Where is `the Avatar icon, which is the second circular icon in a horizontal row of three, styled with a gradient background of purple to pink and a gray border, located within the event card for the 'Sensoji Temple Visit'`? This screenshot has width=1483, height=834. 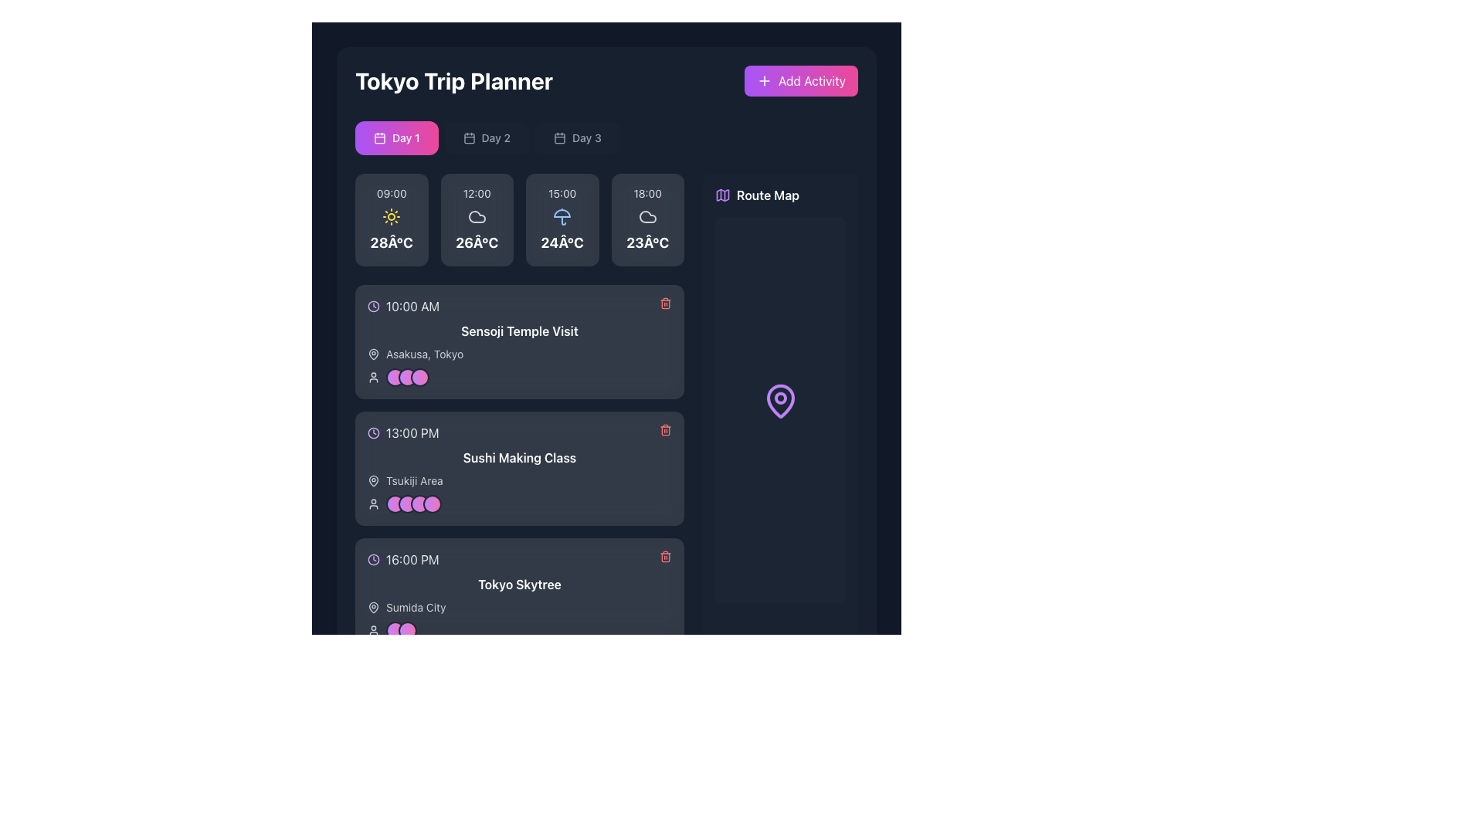 the Avatar icon, which is the second circular icon in a horizontal row of three, styled with a gradient background of purple to pink and a gray border, located within the event card for the 'Sensoji Temple Visit' is located at coordinates (408, 378).